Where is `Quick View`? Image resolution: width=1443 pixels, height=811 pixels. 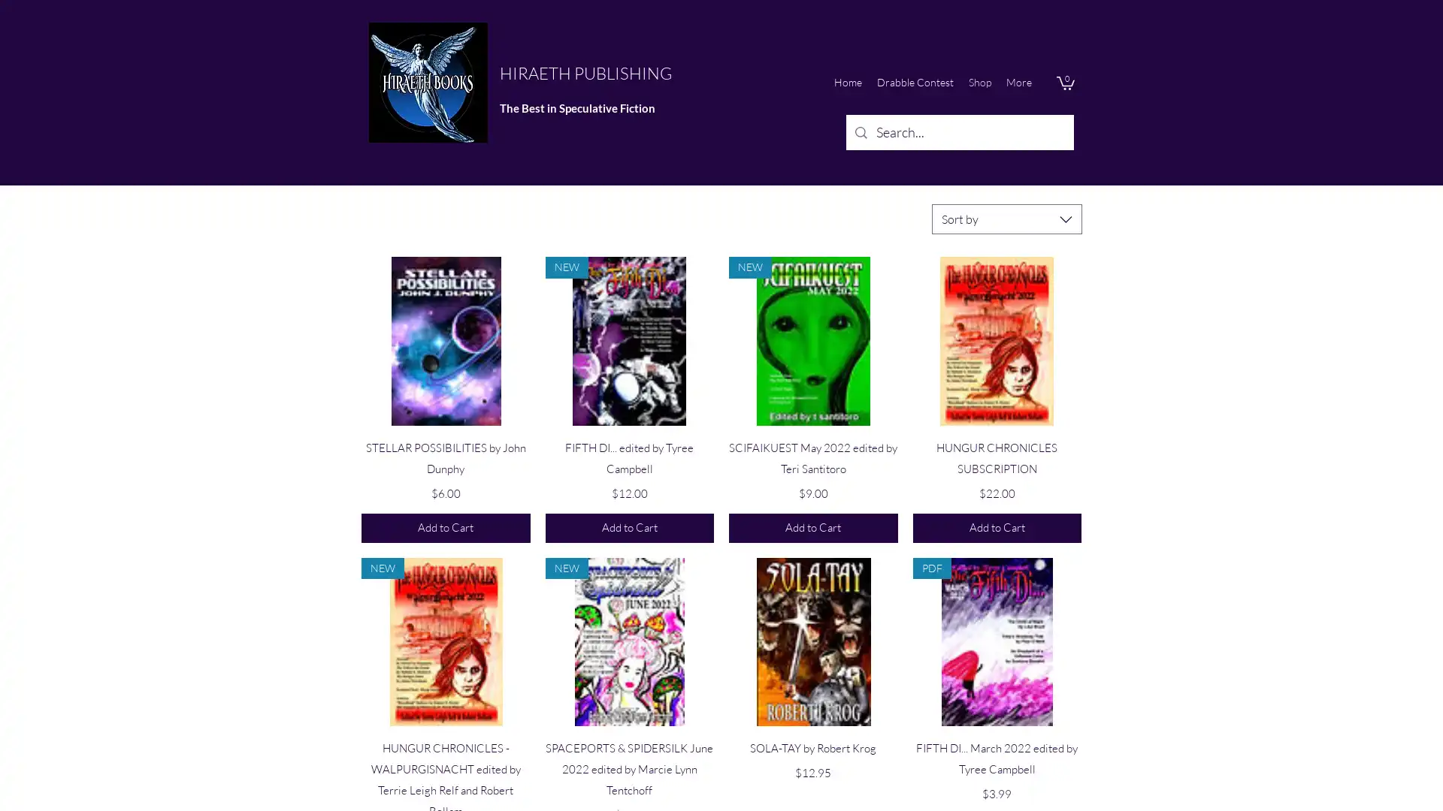 Quick View is located at coordinates (997, 442).